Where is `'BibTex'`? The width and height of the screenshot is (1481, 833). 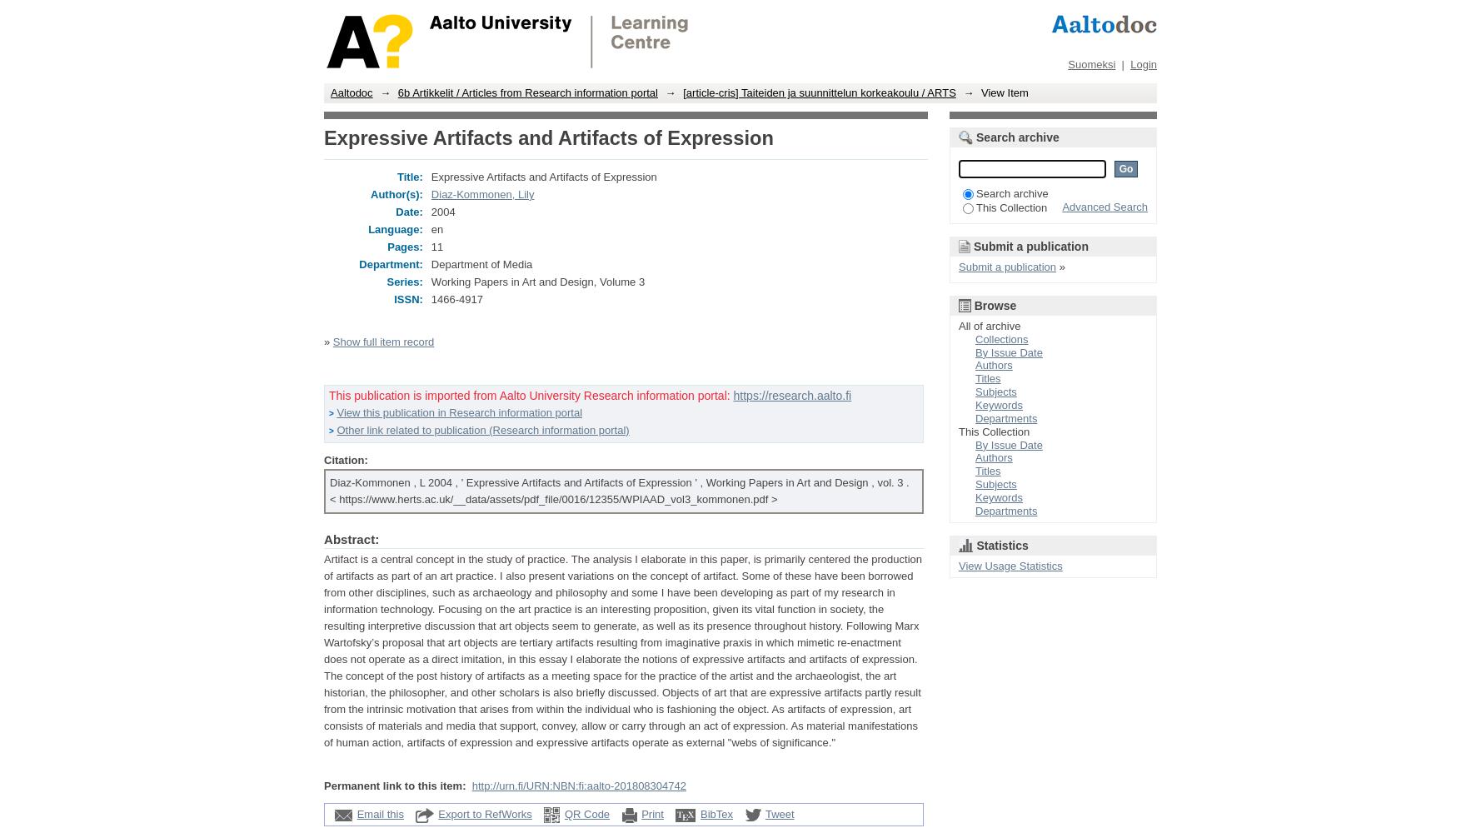 'BibTex' is located at coordinates (699, 812).